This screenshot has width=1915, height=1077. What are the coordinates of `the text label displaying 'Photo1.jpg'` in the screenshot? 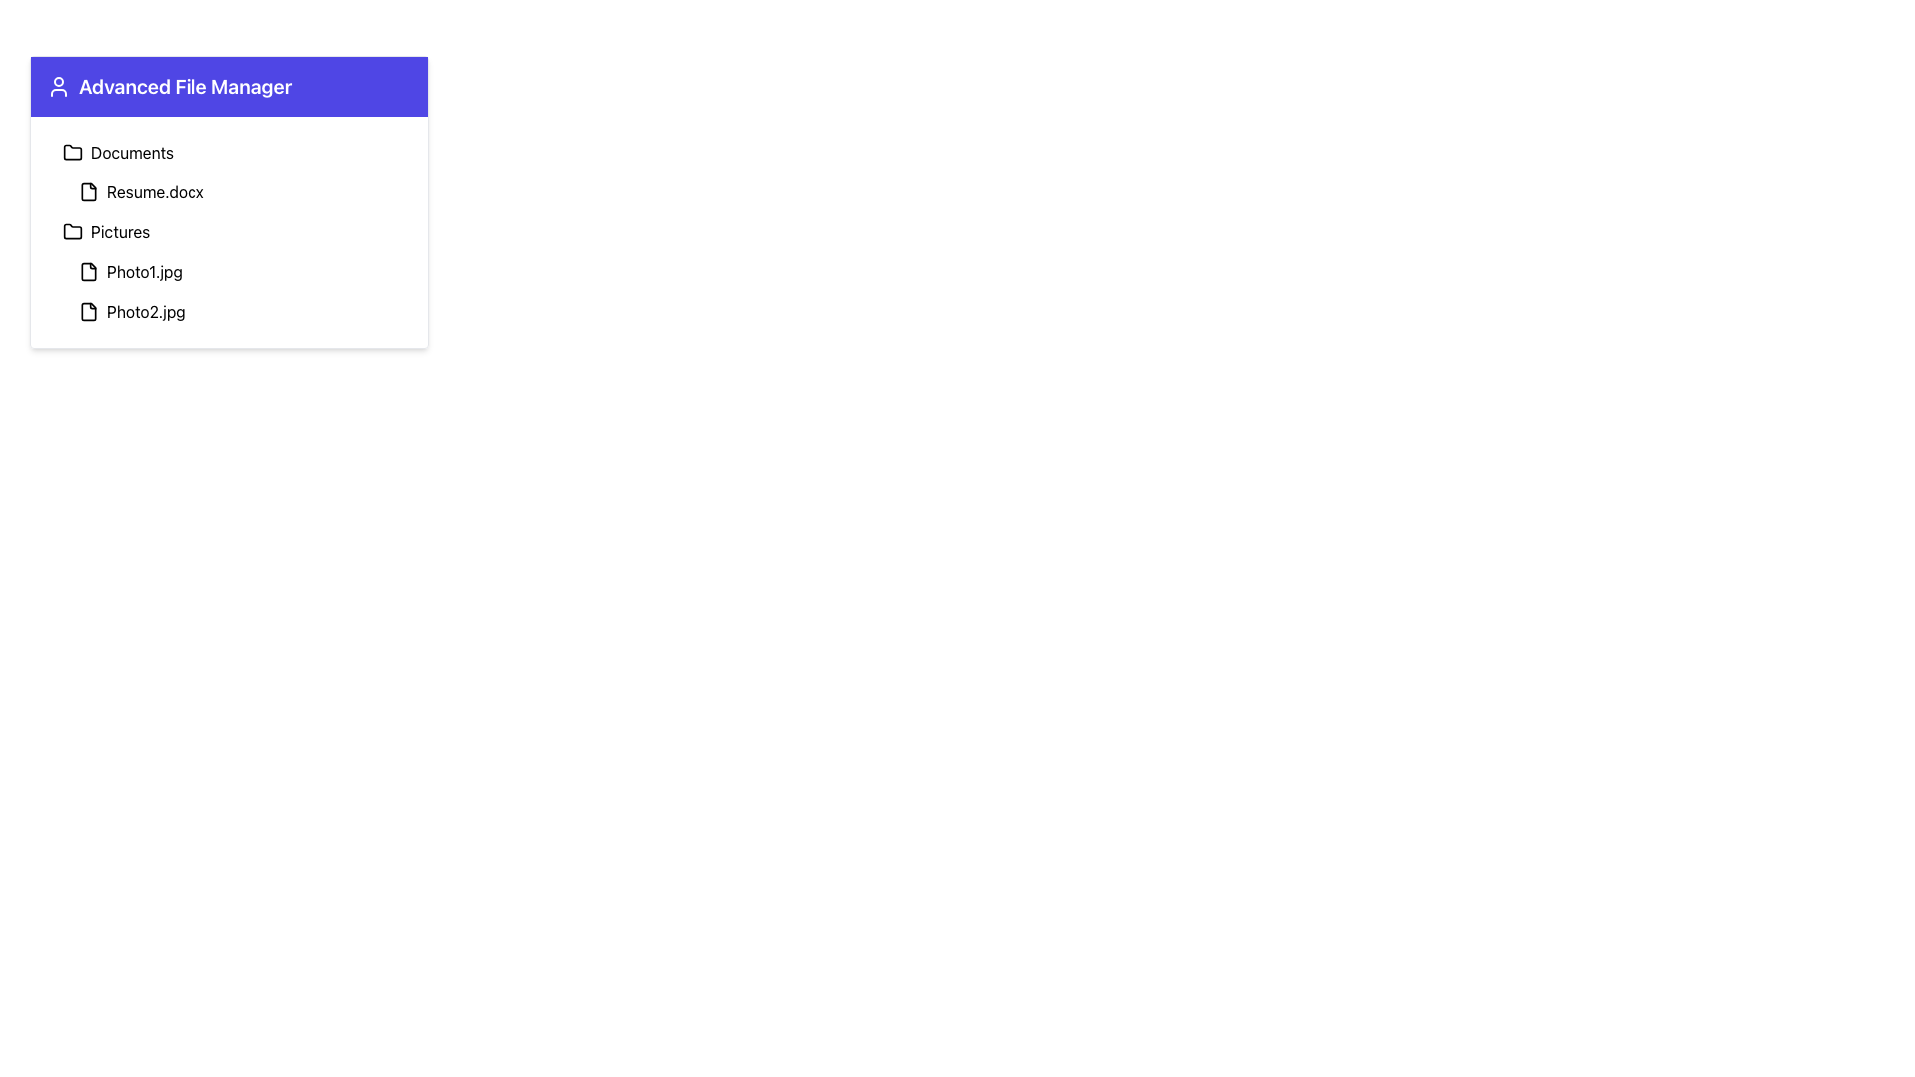 It's located at (143, 272).